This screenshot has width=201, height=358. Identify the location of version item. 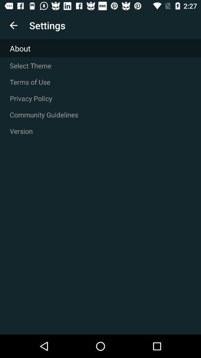
(100, 131).